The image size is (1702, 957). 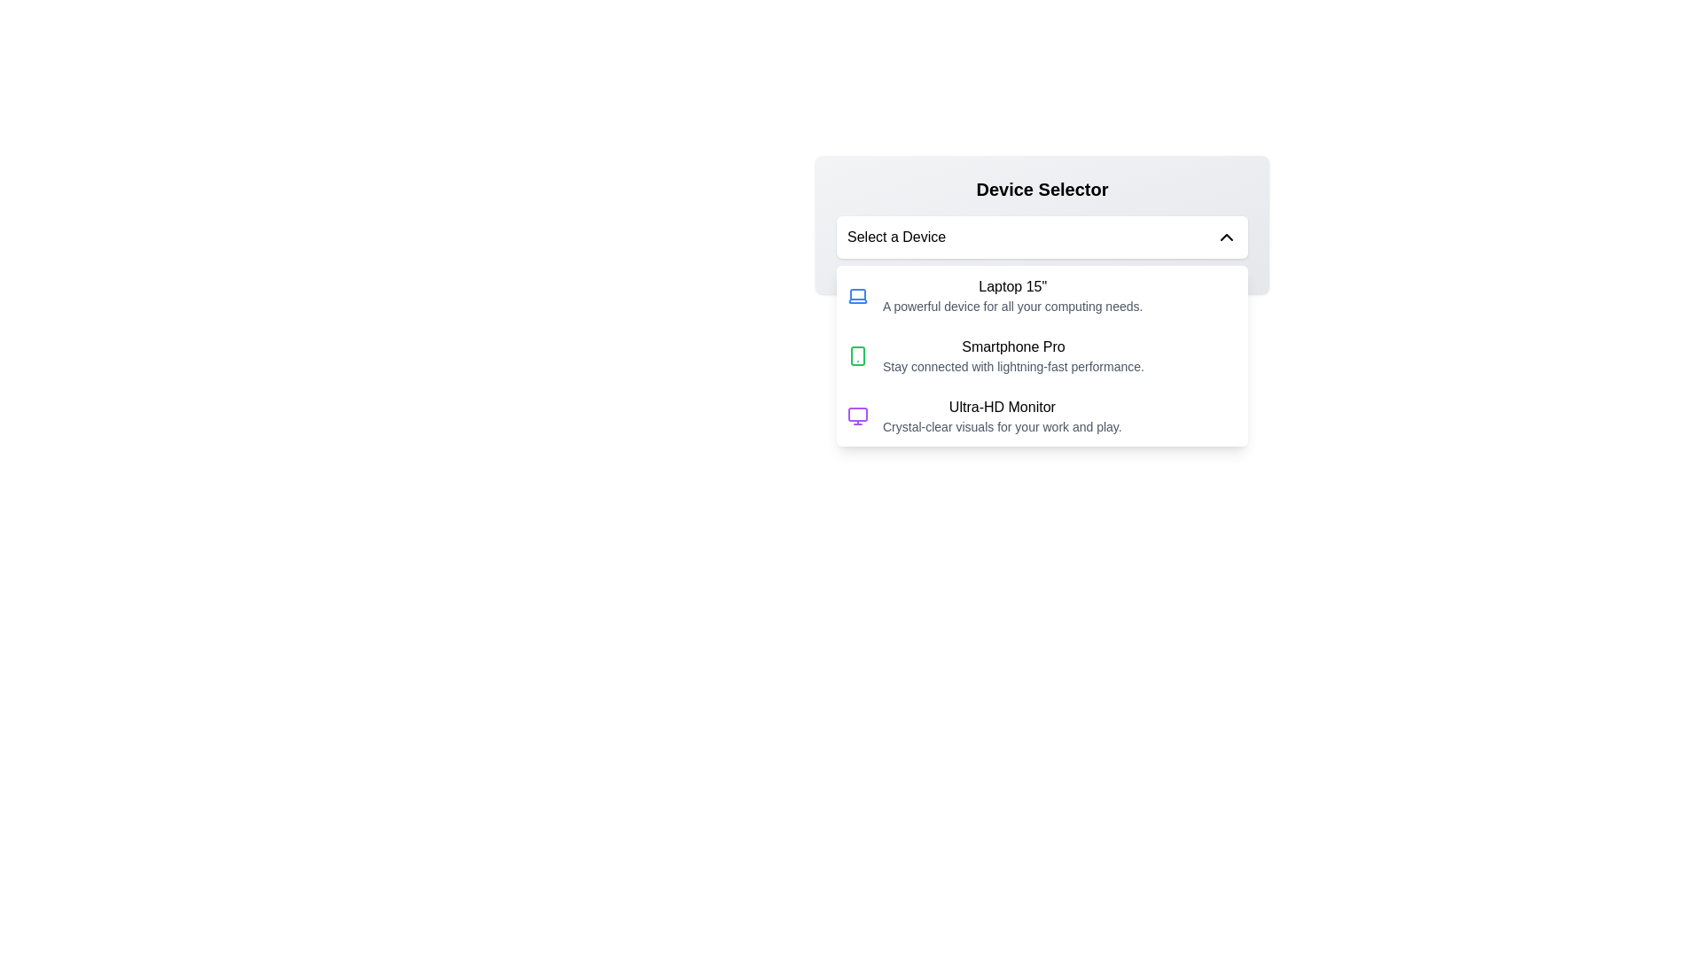 What do you see at coordinates (858, 295) in the screenshot?
I see `the laptop icon, which is the first icon in the Device Selector interface, located to the left of the 'Laptop 15"' text label` at bounding box center [858, 295].